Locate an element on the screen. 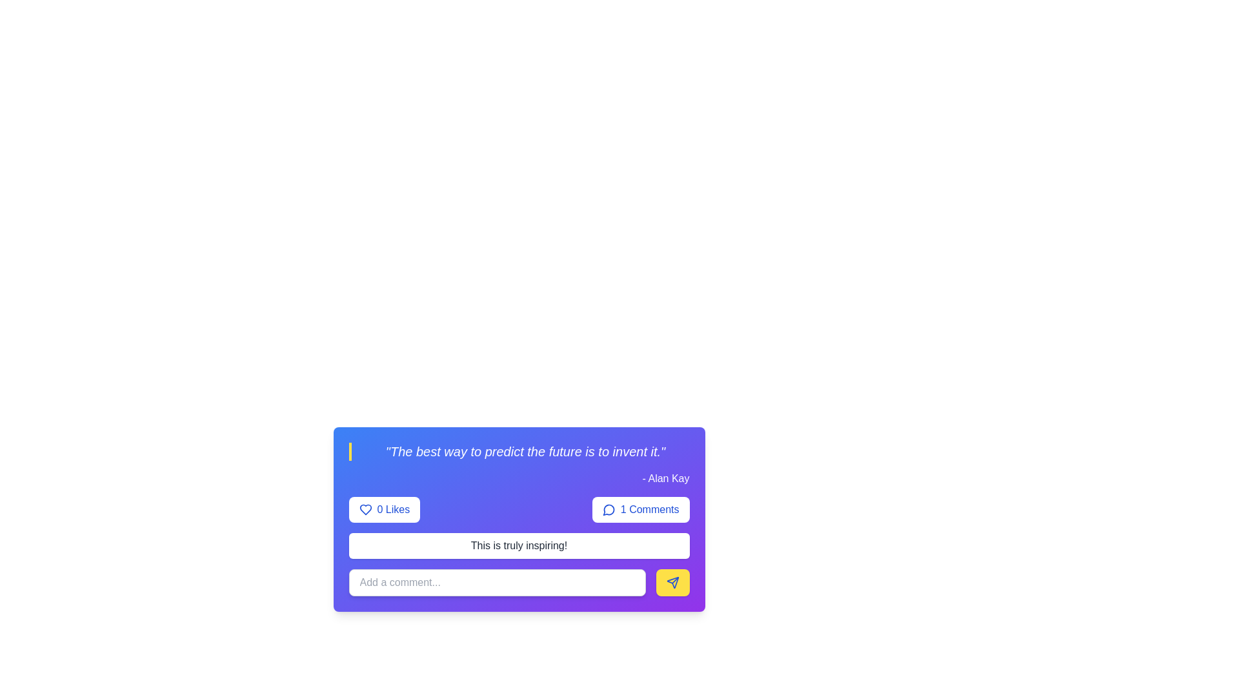 The height and width of the screenshot is (697, 1239). the text label that says 'This is truly inspiring!' located within a blue and purple gradient card, positioned below the '1 Comments' button and above the comment input field is located at coordinates (519, 545).